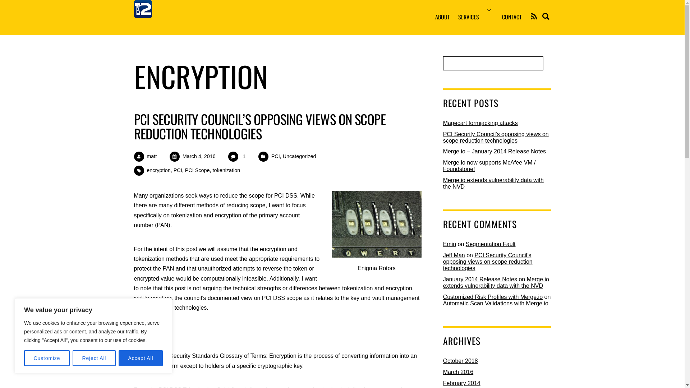 Image resolution: width=690 pixels, height=388 pixels. I want to click on 'Automatic Scan Validations with Merge.io', so click(495, 303).